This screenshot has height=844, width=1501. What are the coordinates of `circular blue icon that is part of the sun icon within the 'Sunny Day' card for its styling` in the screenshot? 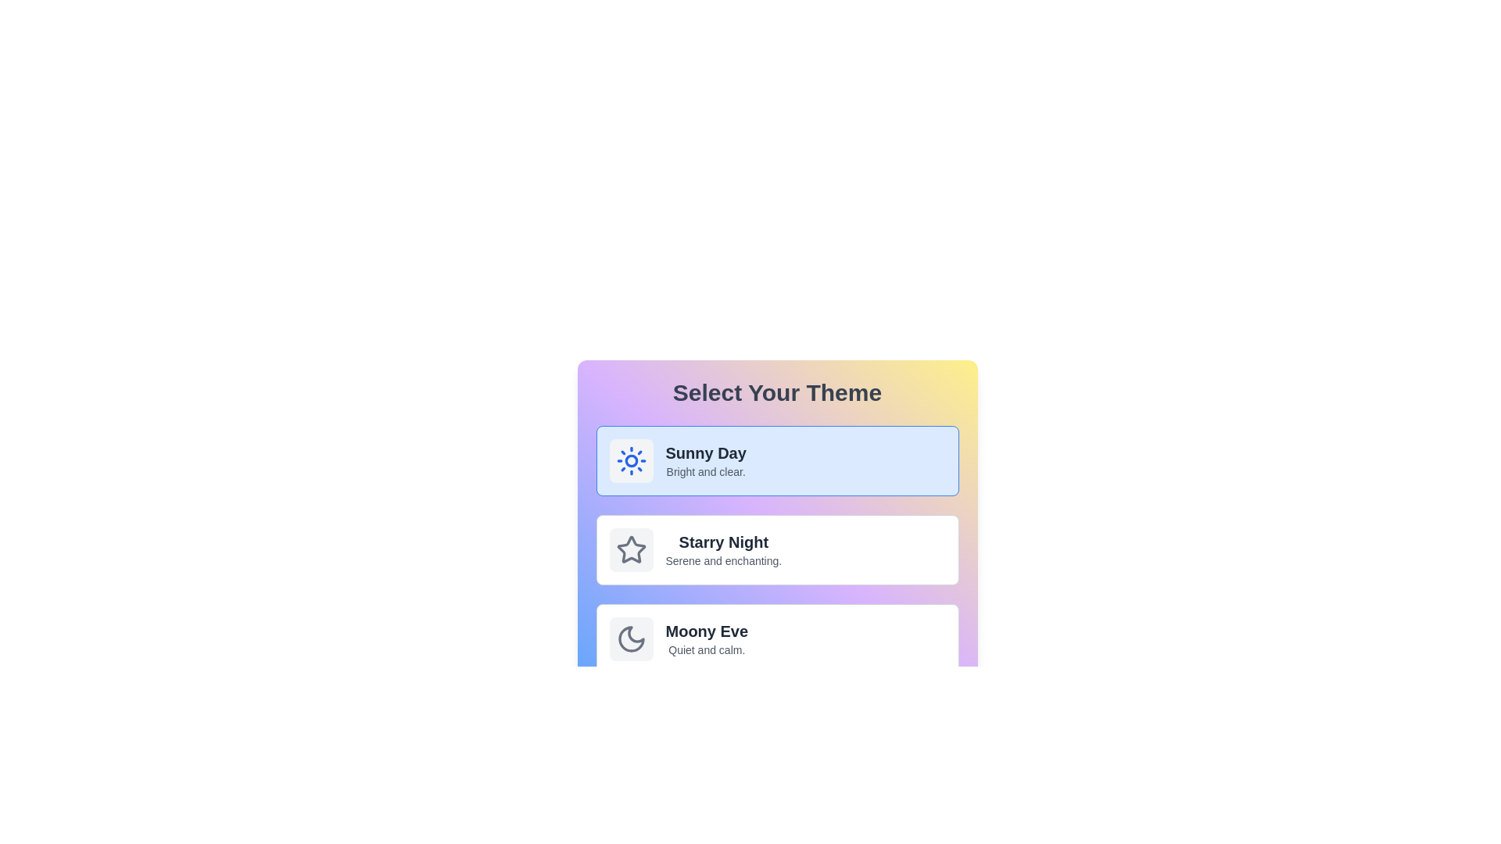 It's located at (631, 460).